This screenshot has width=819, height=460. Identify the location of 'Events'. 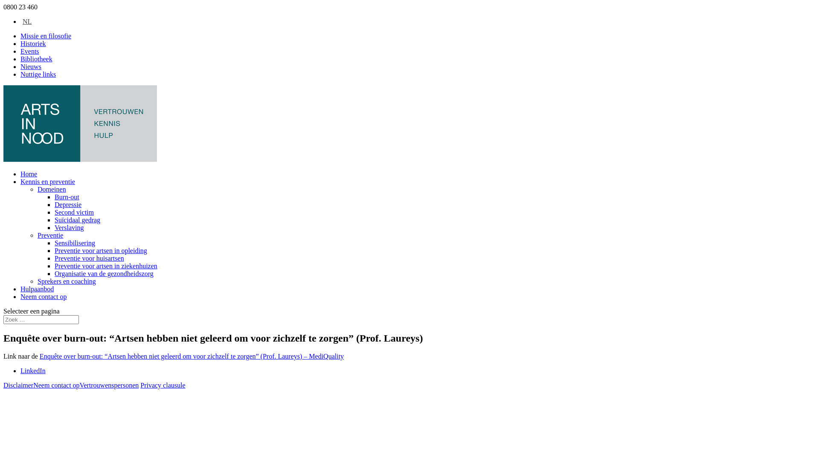
(30, 51).